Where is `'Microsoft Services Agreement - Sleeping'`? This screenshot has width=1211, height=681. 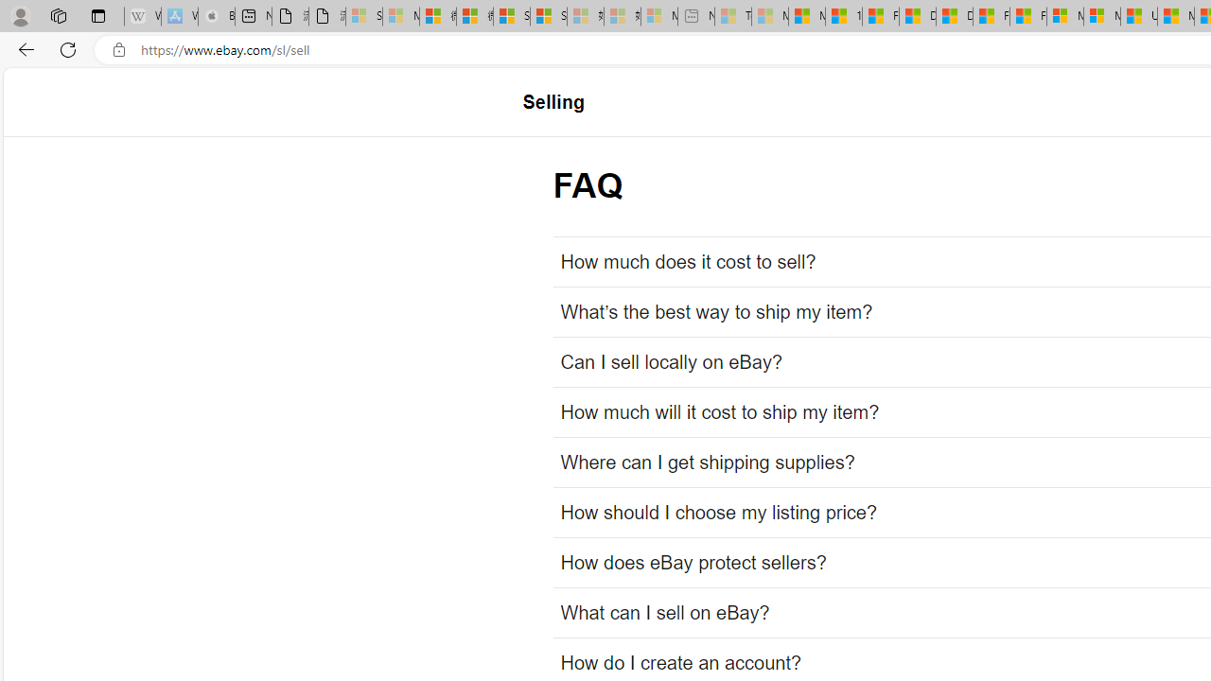
'Microsoft Services Agreement - Sleeping' is located at coordinates (399, 16).